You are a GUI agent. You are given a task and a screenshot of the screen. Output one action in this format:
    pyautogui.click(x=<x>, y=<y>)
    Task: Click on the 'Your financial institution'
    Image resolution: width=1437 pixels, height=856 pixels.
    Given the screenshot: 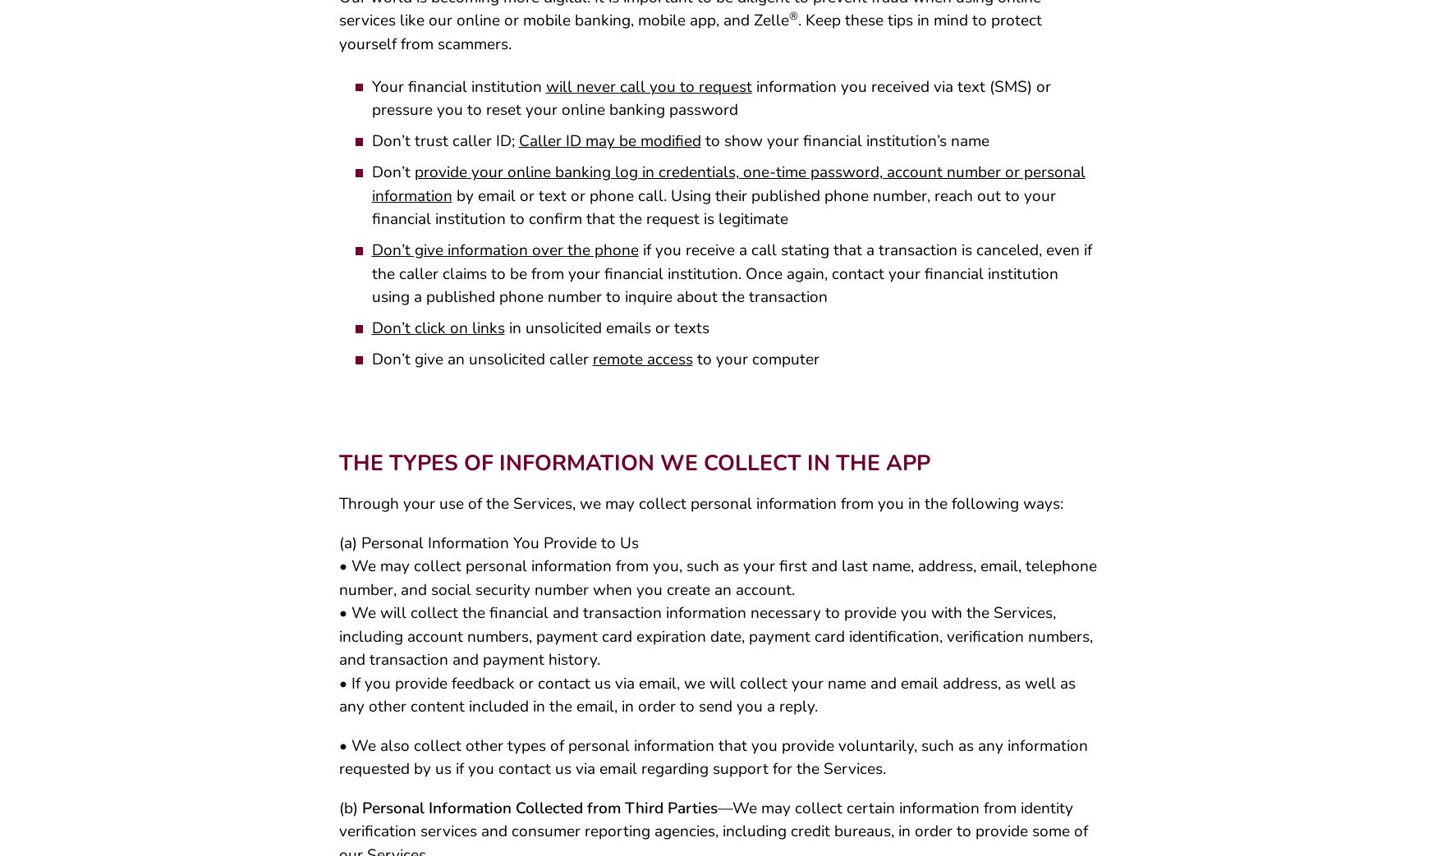 What is the action you would take?
    pyautogui.click(x=457, y=92)
    